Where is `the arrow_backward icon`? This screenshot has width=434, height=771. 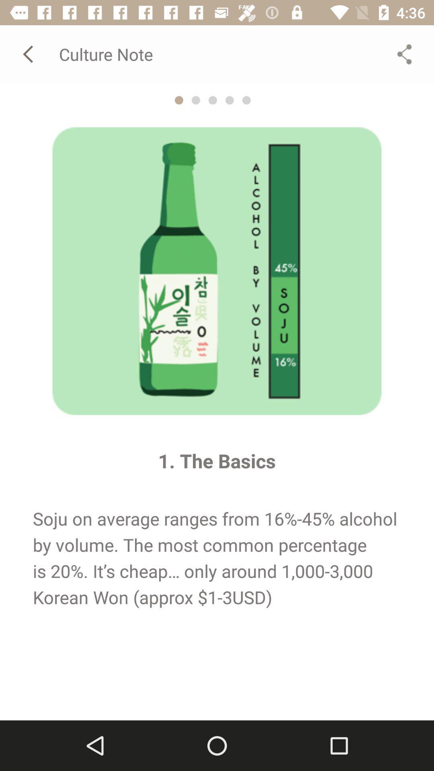 the arrow_backward icon is located at coordinates (29, 53).